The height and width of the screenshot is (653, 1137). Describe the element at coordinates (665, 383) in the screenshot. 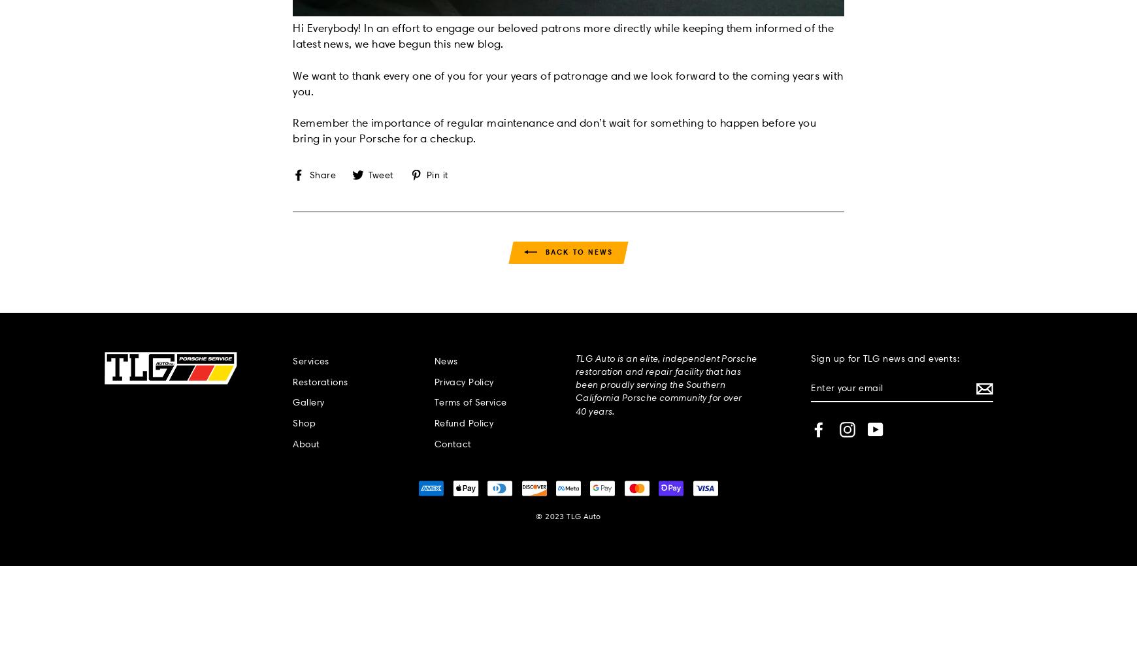

I see `'TLG Auto is an elite, independent Porsche restoration and repair facility that has been proudly serving the Southern California Porsche community for over 40 years.'` at that location.